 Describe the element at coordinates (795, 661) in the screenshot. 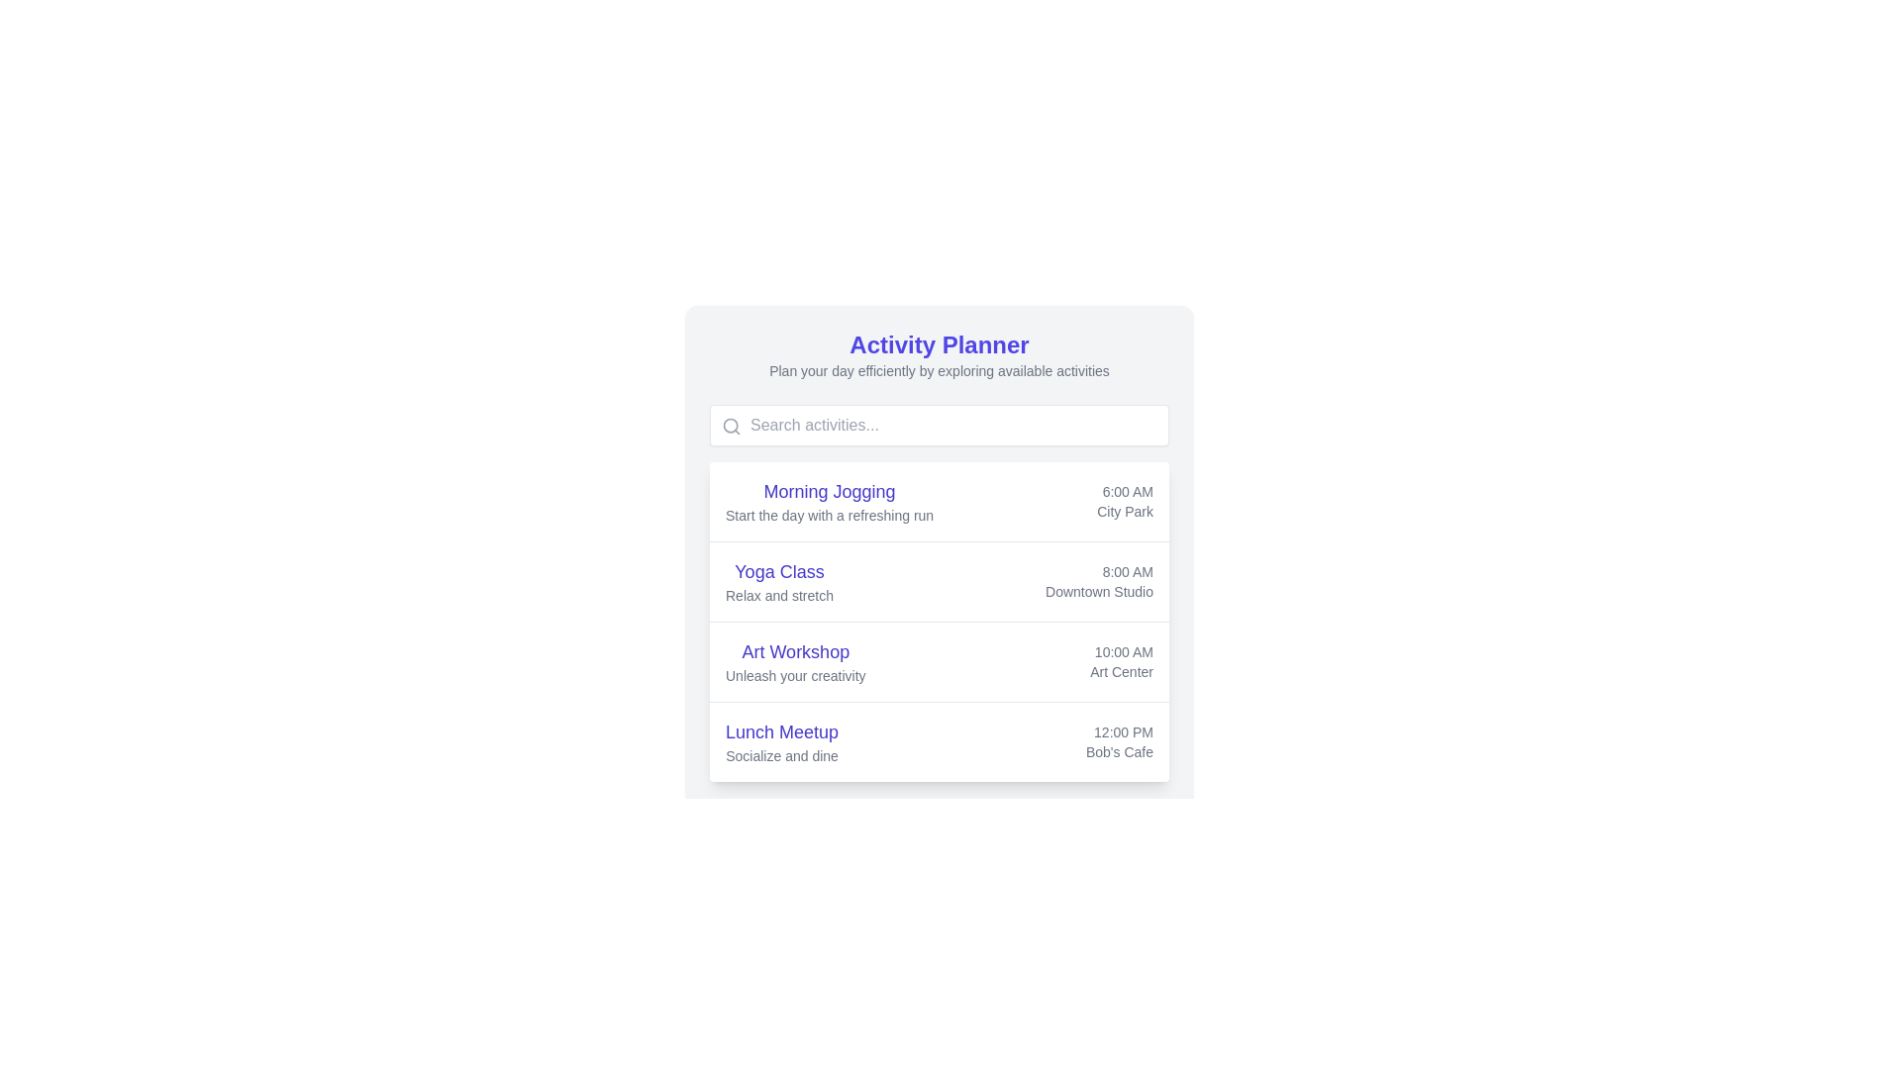

I see `the 'Art Workshop' text block, which features a bold indigo title and a smaller gray subtitle, positioned as the third activity in the 'Activity Planner' list interface` at that location.